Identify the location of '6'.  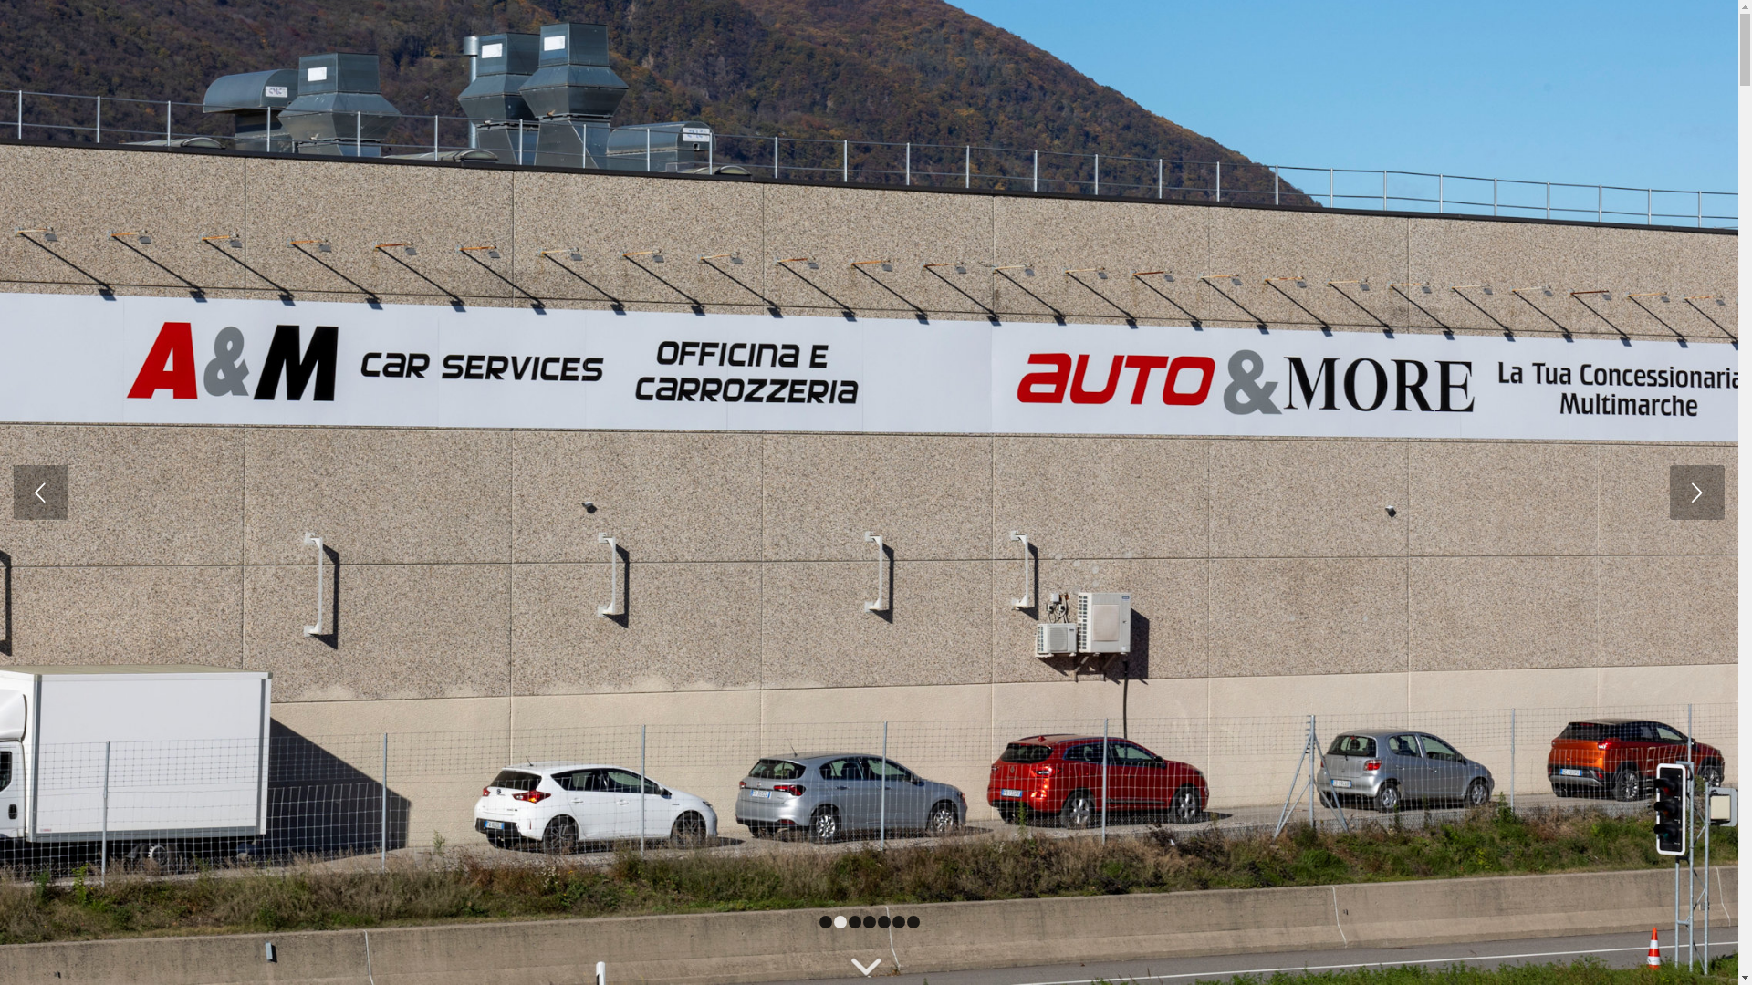
(898, 921).